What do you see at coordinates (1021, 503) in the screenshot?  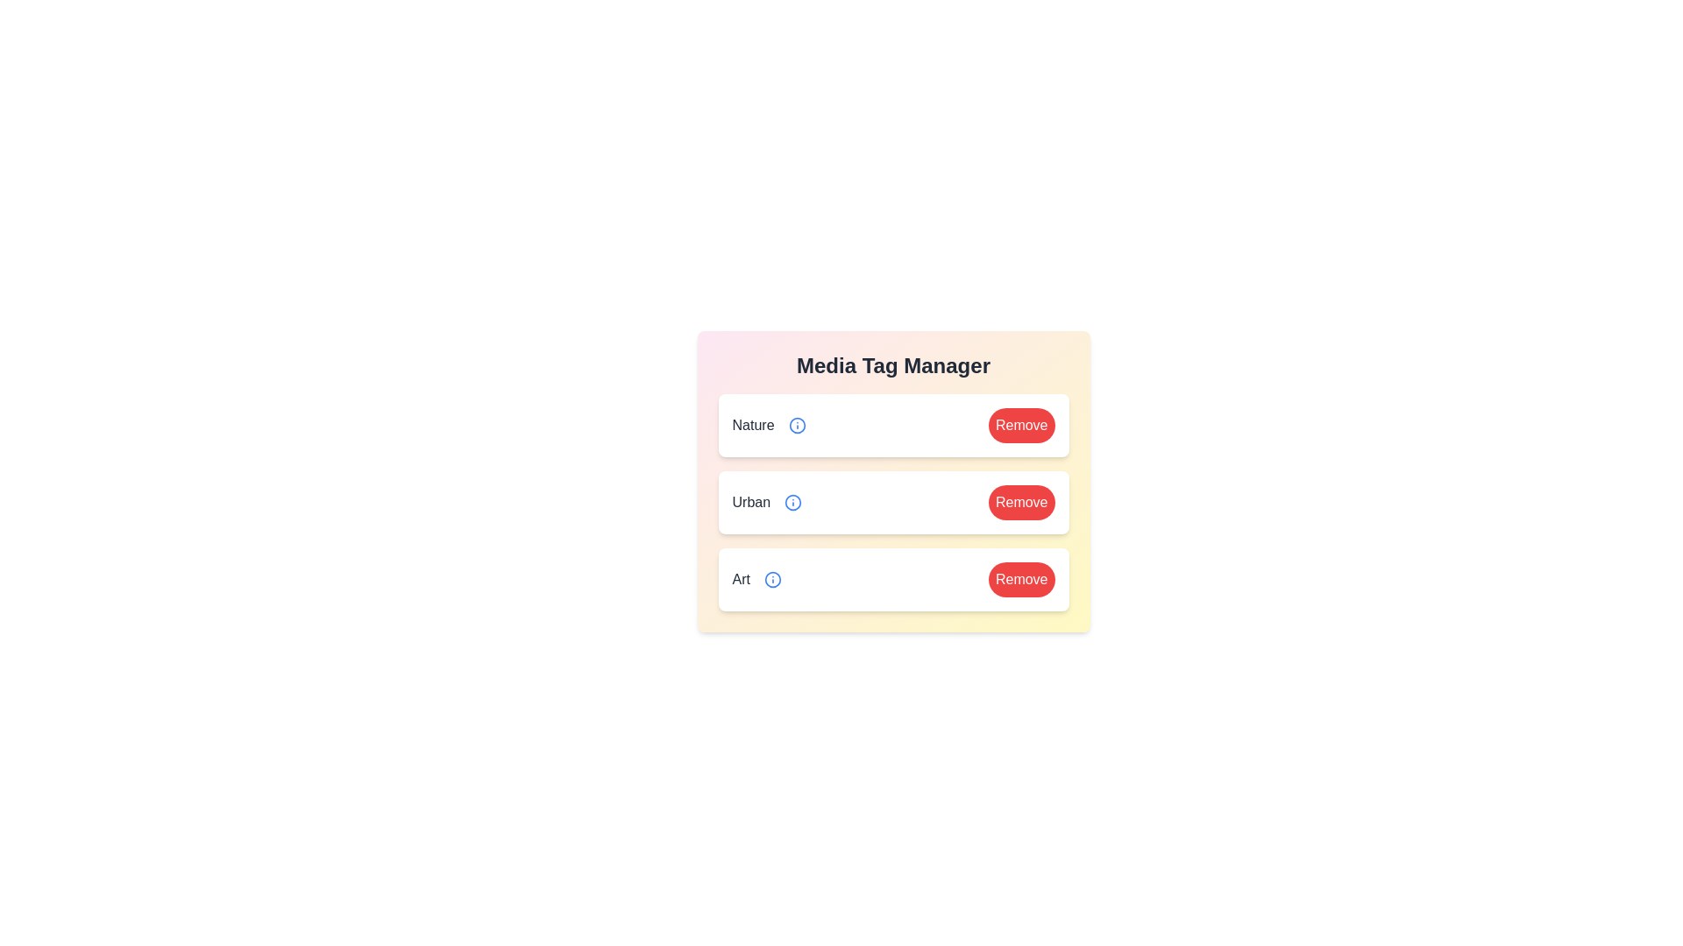 I see `'Remove' button for the tag Urban` at bounding box center [1021, 503].